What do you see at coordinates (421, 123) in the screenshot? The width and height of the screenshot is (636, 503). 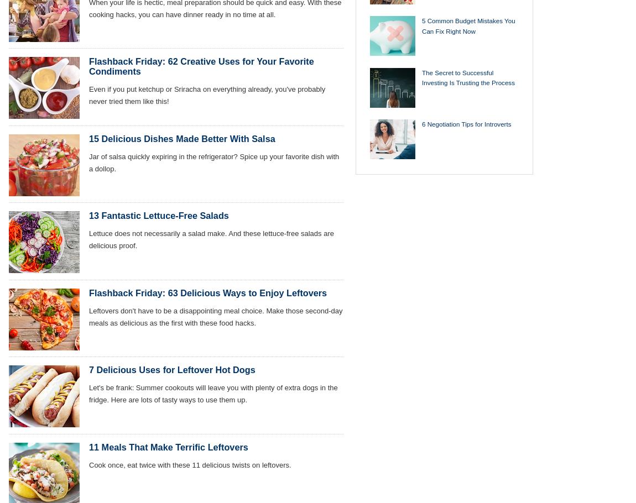 I see `'6 Negotiation Tips for Introverts'` at bounding box center [421, 123].